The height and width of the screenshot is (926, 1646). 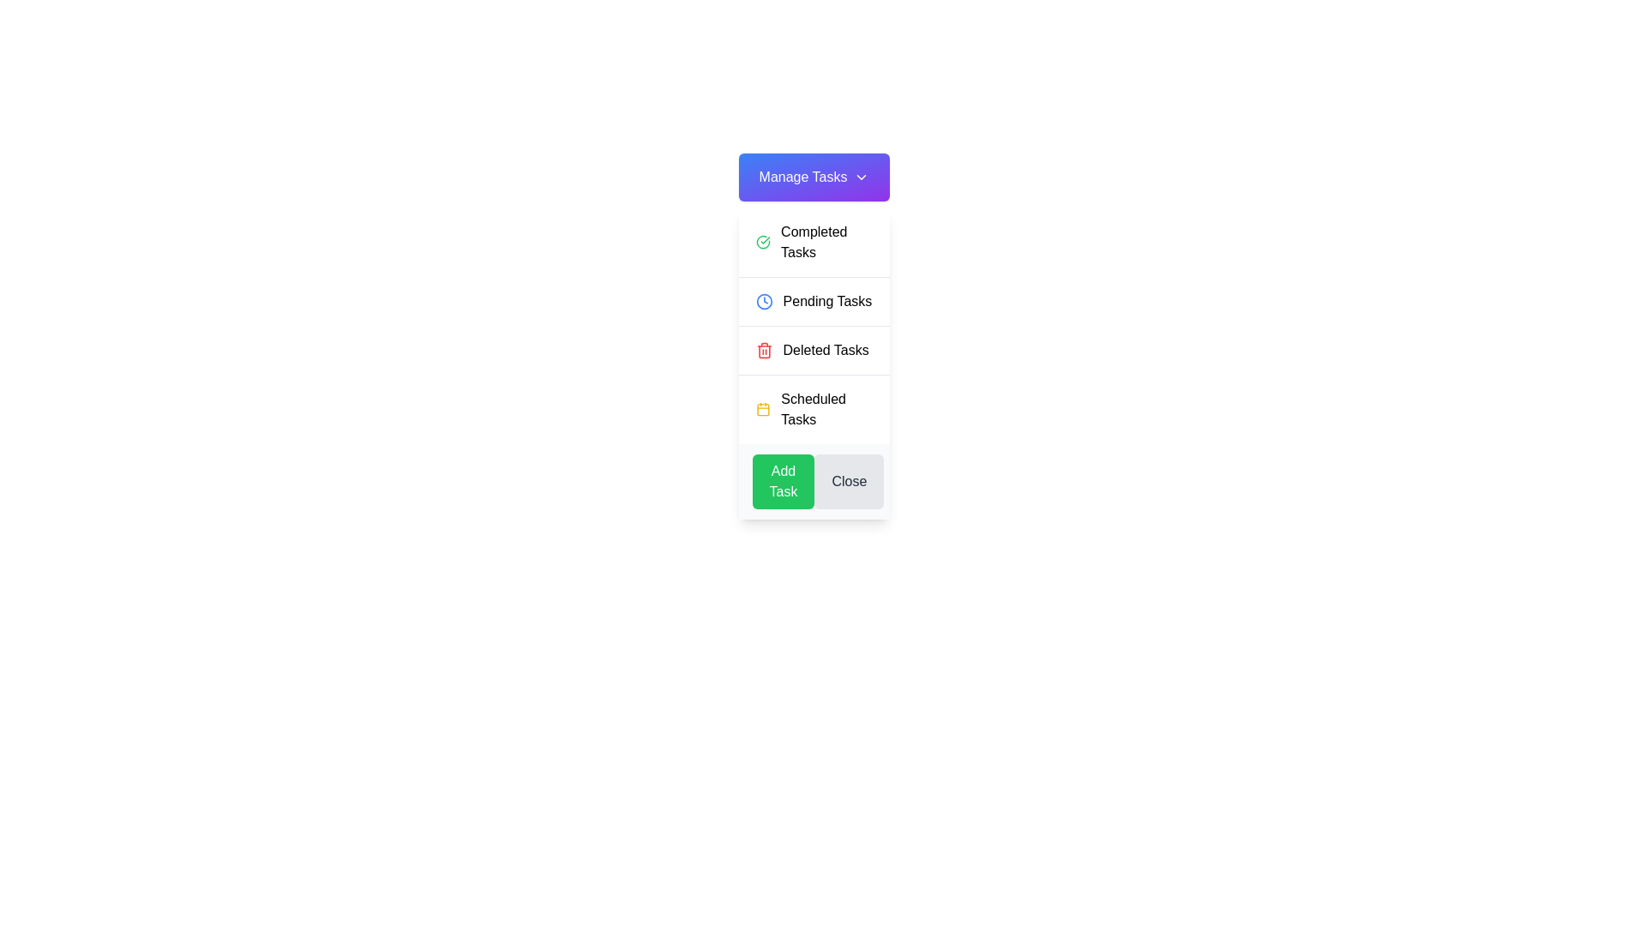 I want to click on the fourth item in the vertically aligned list of task categories, which serves as a navigational option for scheduled tasks, so click(x=814, y=409).